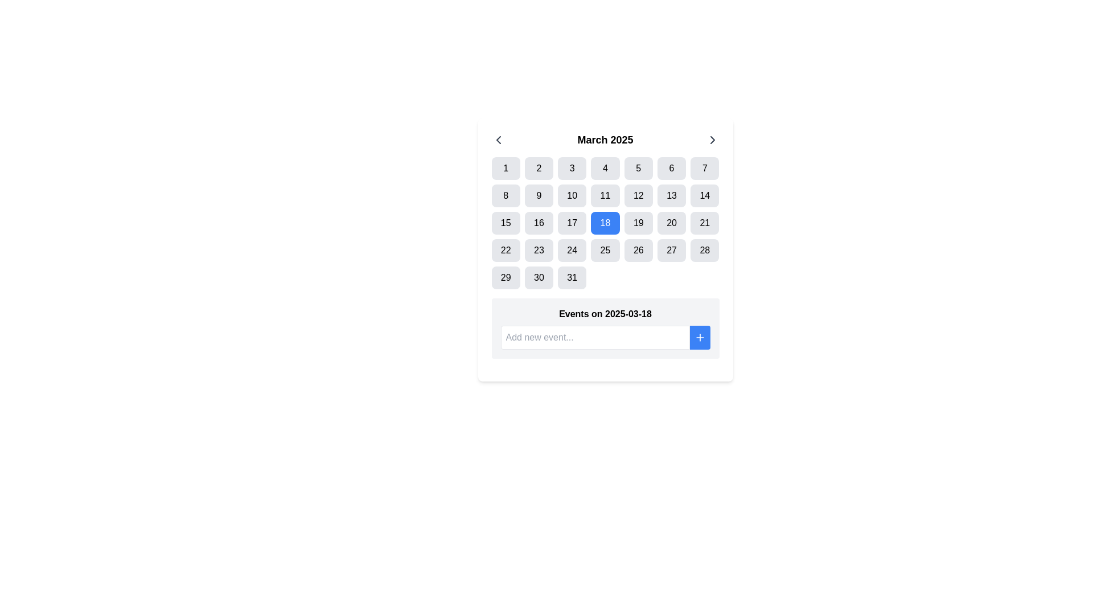  I want to click on the button displaying the number '4' located in the first row and fourth column of the calendar grid for March 2025, so click(605, 169).